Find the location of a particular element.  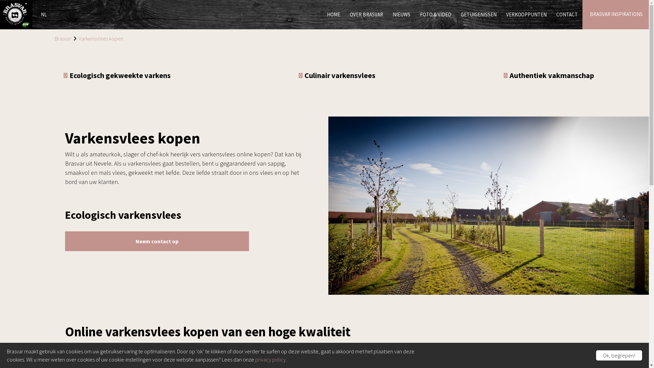

'duurzaam vlees' is located at coordinates (490, 355).